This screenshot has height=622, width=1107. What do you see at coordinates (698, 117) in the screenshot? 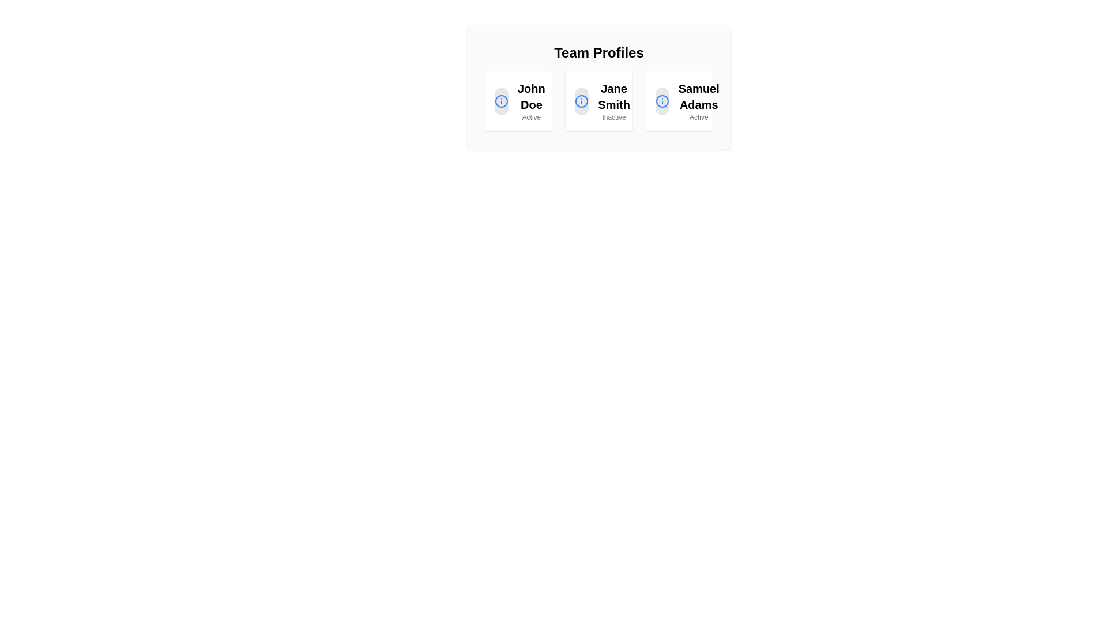
I see `the Static Text Label displaying 'Active' in gray color, positioned below 'Samuel Adams' in the profile card` at bounding box center [698, 117].